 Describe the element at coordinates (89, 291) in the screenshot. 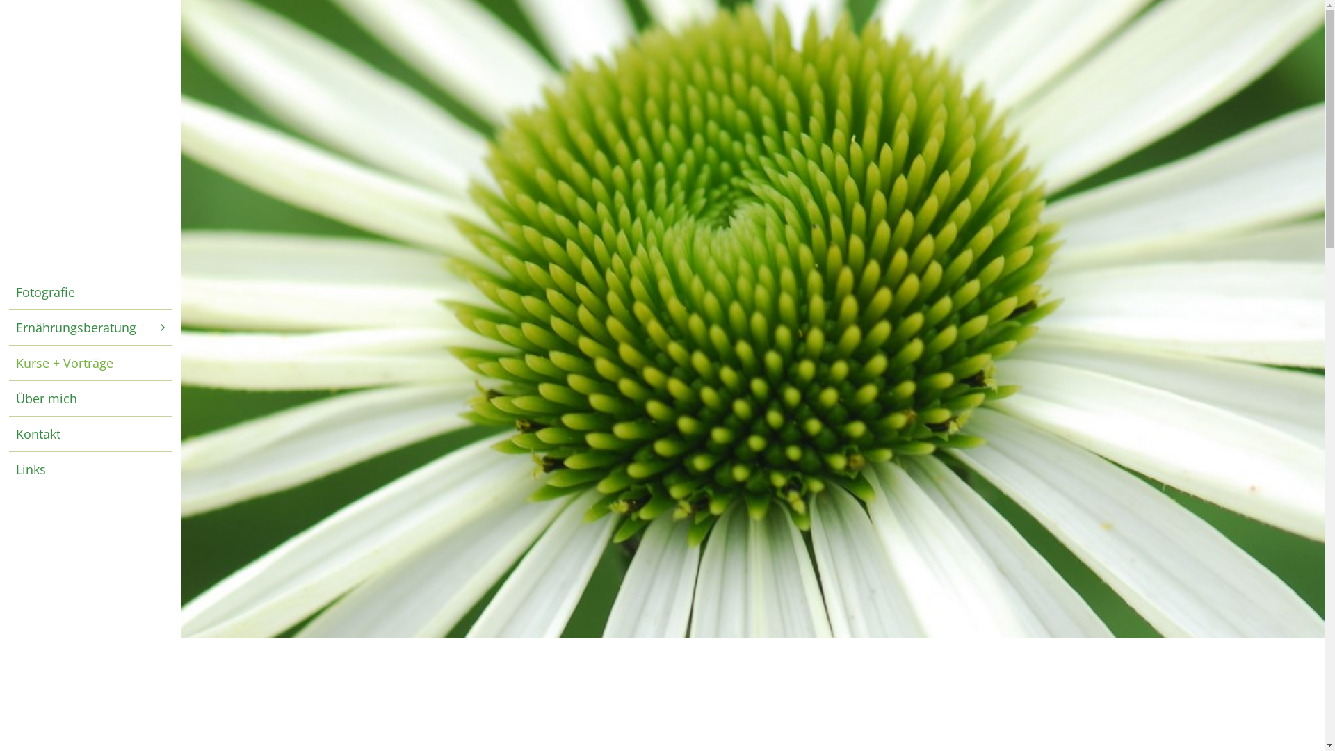

I see `'Fotografie'` at that location.